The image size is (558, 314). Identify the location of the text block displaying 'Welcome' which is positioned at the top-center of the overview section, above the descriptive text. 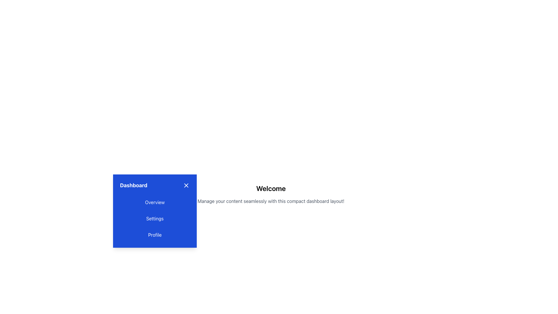
(271, 188).